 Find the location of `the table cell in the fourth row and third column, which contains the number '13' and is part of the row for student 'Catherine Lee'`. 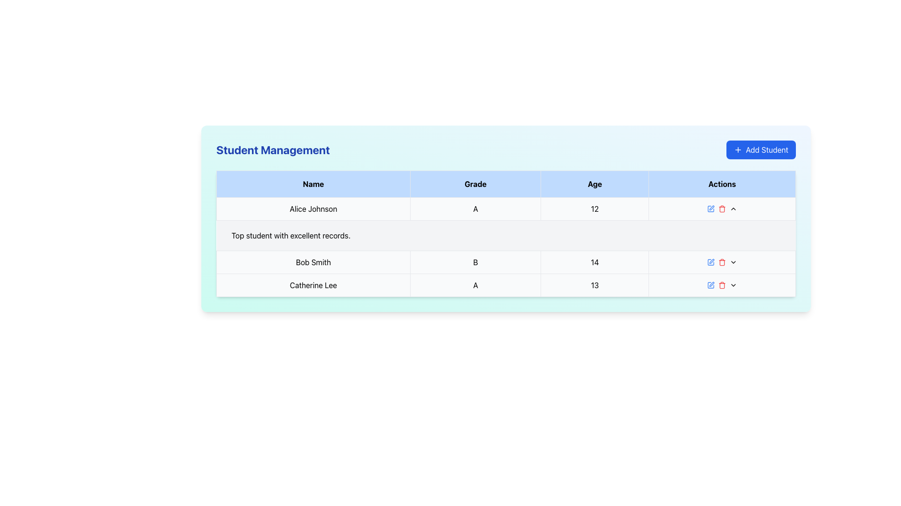

the table cell in the fourth row and third column, which contains the number '13' and is part of the row for student 'Catherine Lee' is located at coordinates (594, 285).